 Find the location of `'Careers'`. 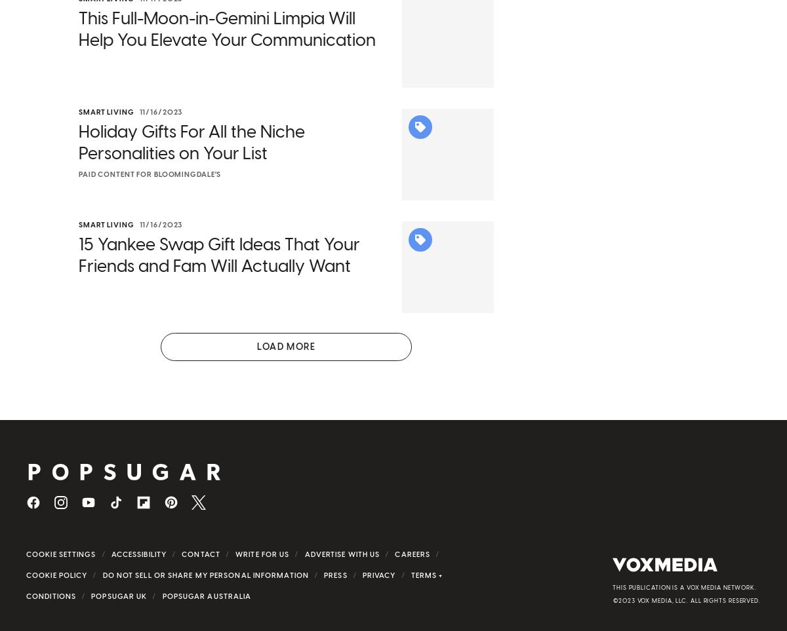

'Careers' is located at coordinates (413, 572).